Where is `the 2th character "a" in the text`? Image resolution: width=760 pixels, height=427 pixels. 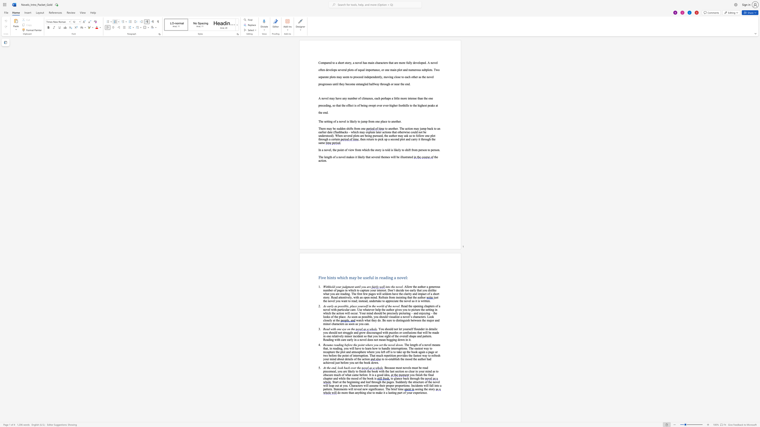 the 2th character "a" in the text is located at coordinates (389, 375).